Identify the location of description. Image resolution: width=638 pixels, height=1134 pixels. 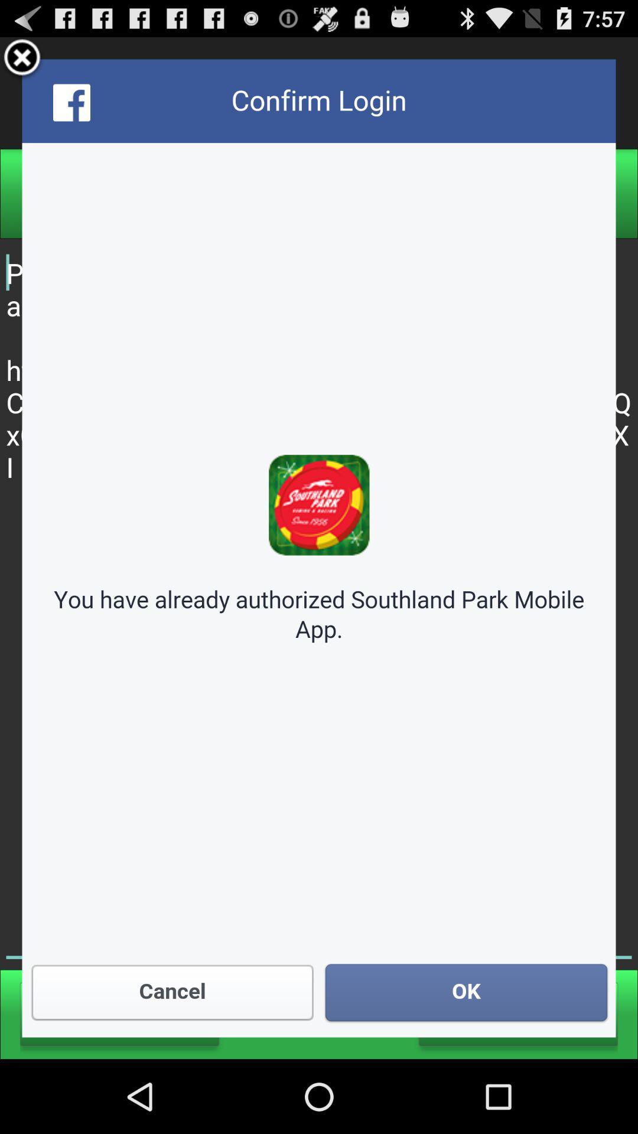
(319, 548).